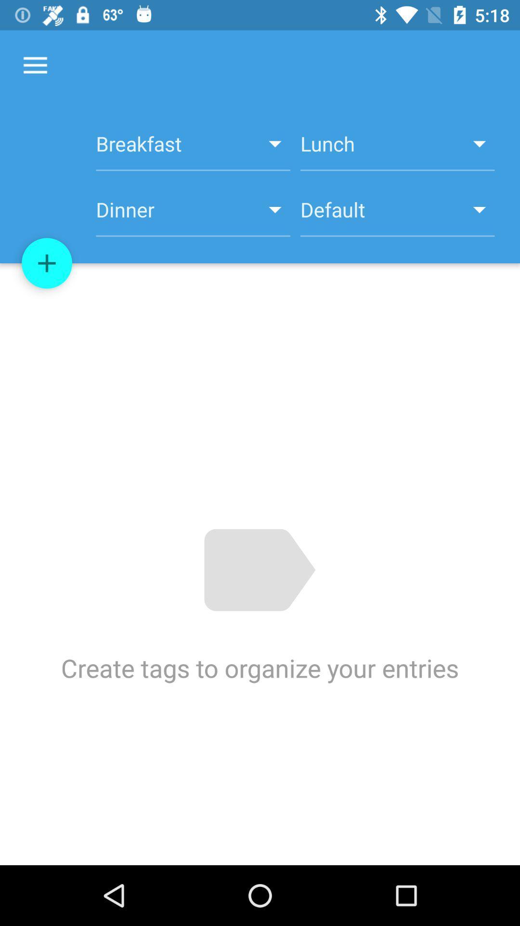  I want to click on the icon next to dinner item, so click(397, 215).